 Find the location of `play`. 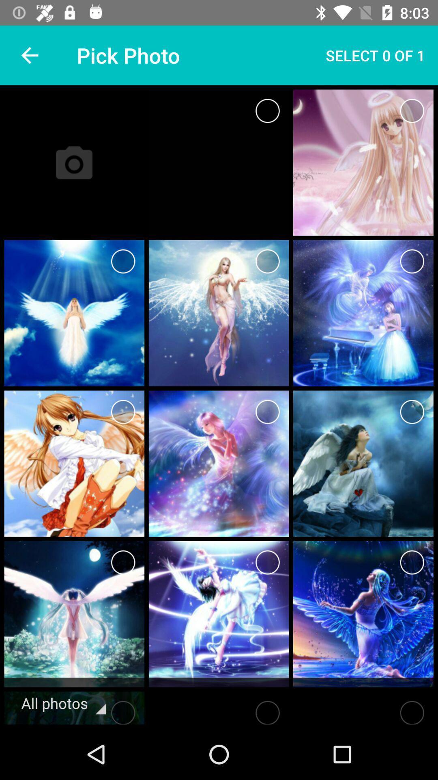

play is located at coordinates (267, 710).